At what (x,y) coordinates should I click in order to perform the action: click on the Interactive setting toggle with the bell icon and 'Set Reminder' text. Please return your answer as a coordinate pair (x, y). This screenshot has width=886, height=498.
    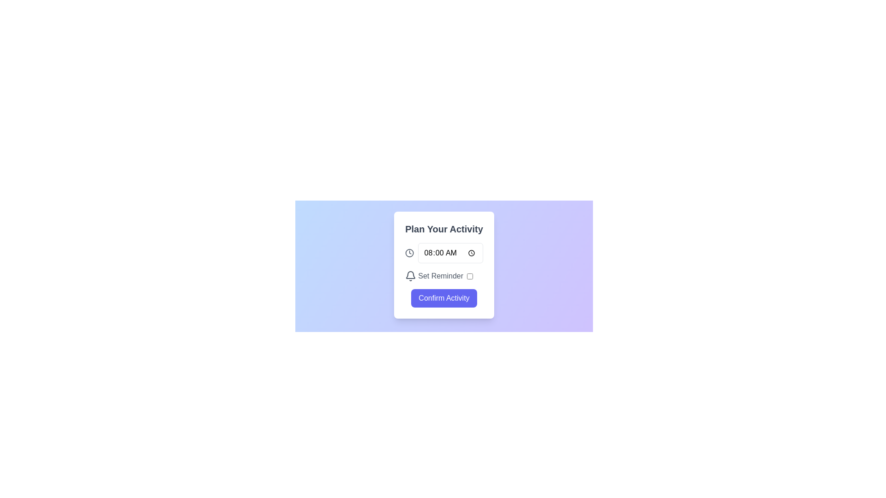
    Looking at the image, I should click on (444, 275).